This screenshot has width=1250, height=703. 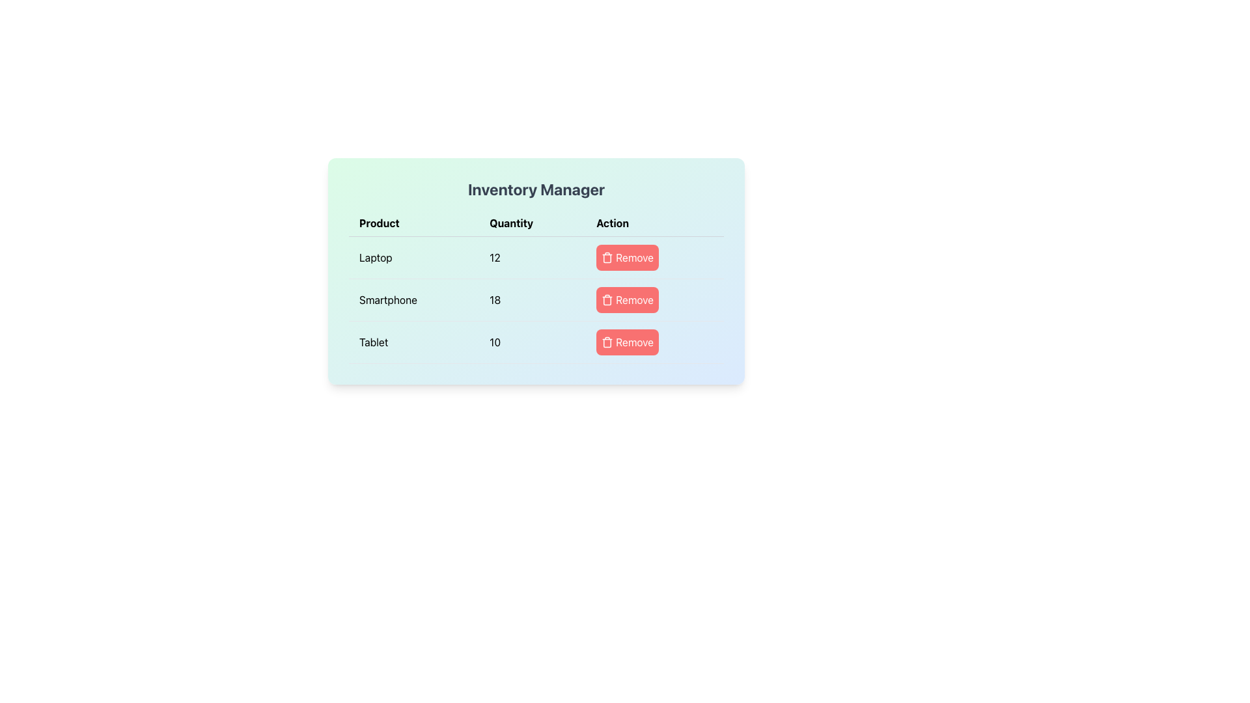 What do you see at coordinates (536, 189) in the screenshot?
I see `the static text element labeled 'Inventory Manager' which serves as the title for the interface section` at bounding box center [536, 189].